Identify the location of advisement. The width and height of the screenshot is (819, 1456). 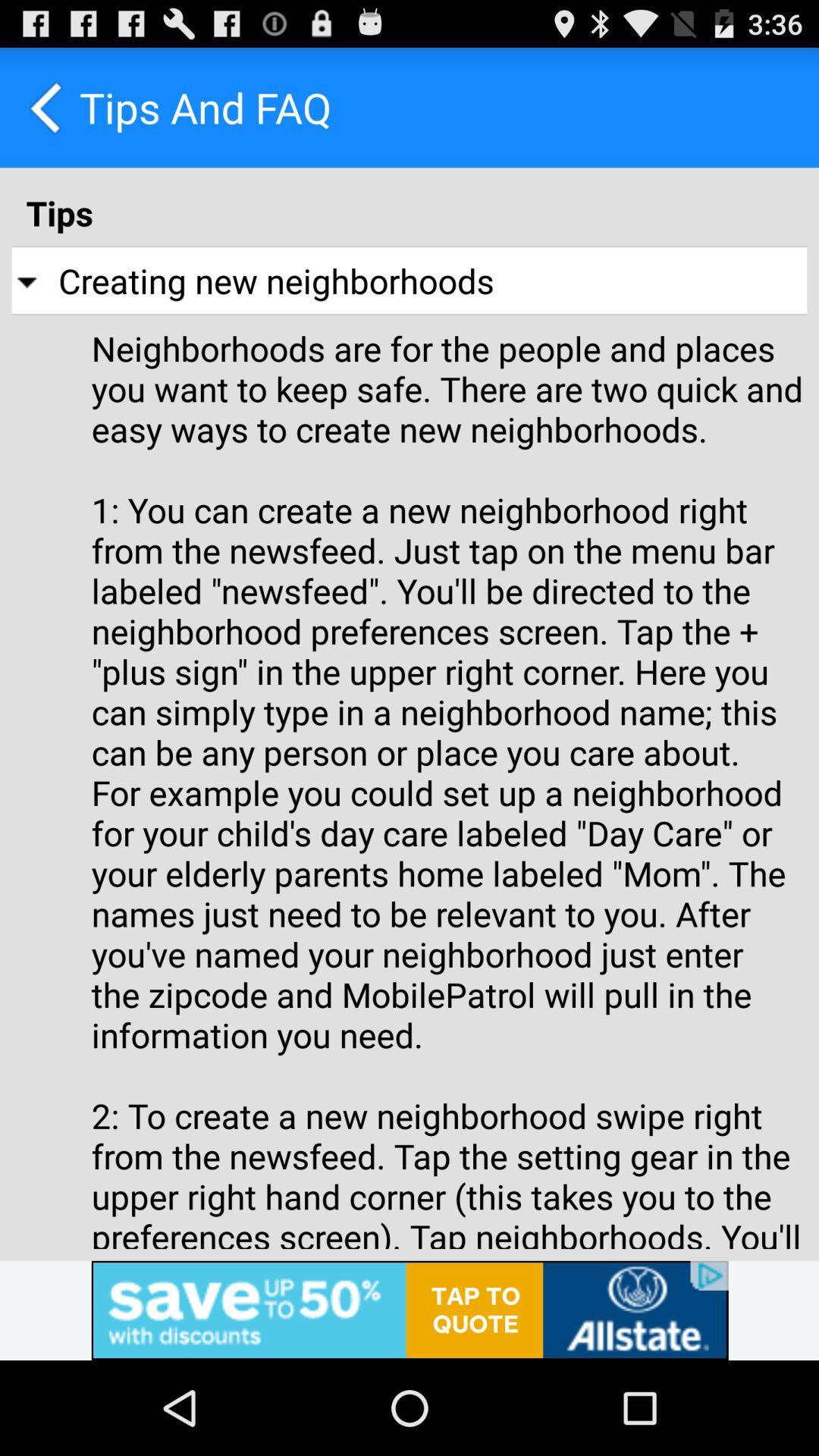
(409, 1310).